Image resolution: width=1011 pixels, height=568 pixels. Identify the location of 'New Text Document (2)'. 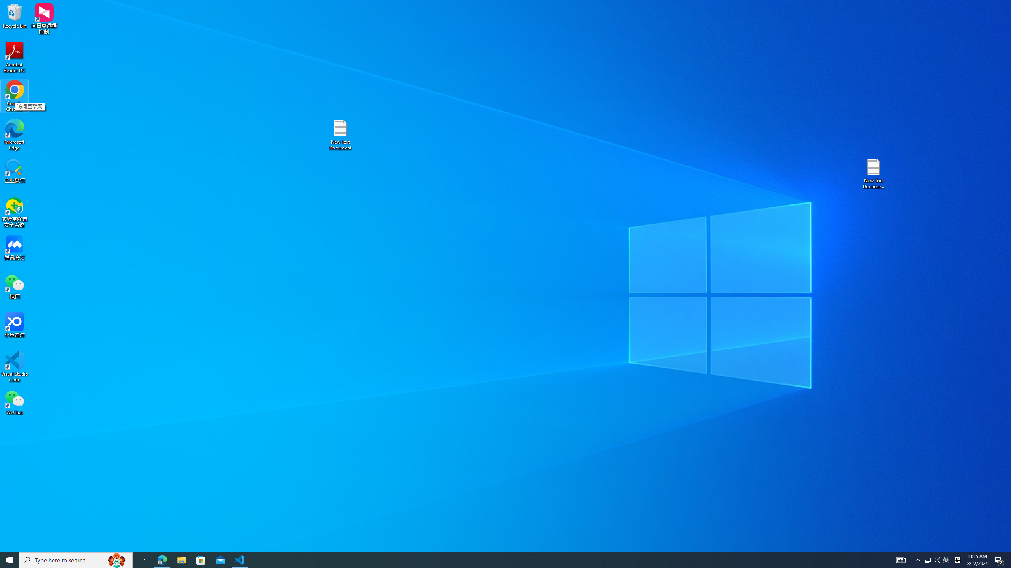
(874, 173).